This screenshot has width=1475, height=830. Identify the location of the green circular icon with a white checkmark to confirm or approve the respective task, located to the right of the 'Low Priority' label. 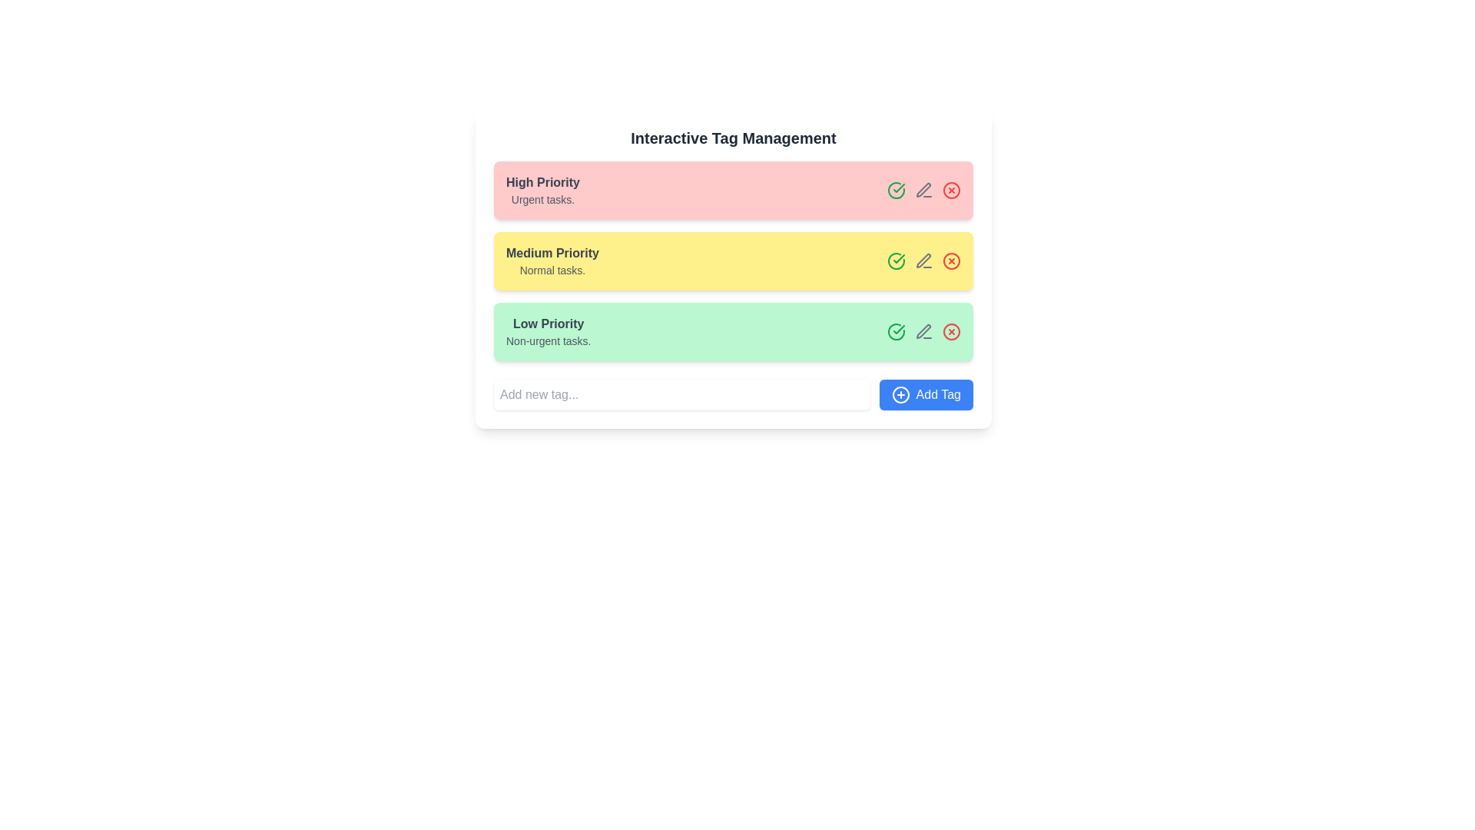
(896, 331).